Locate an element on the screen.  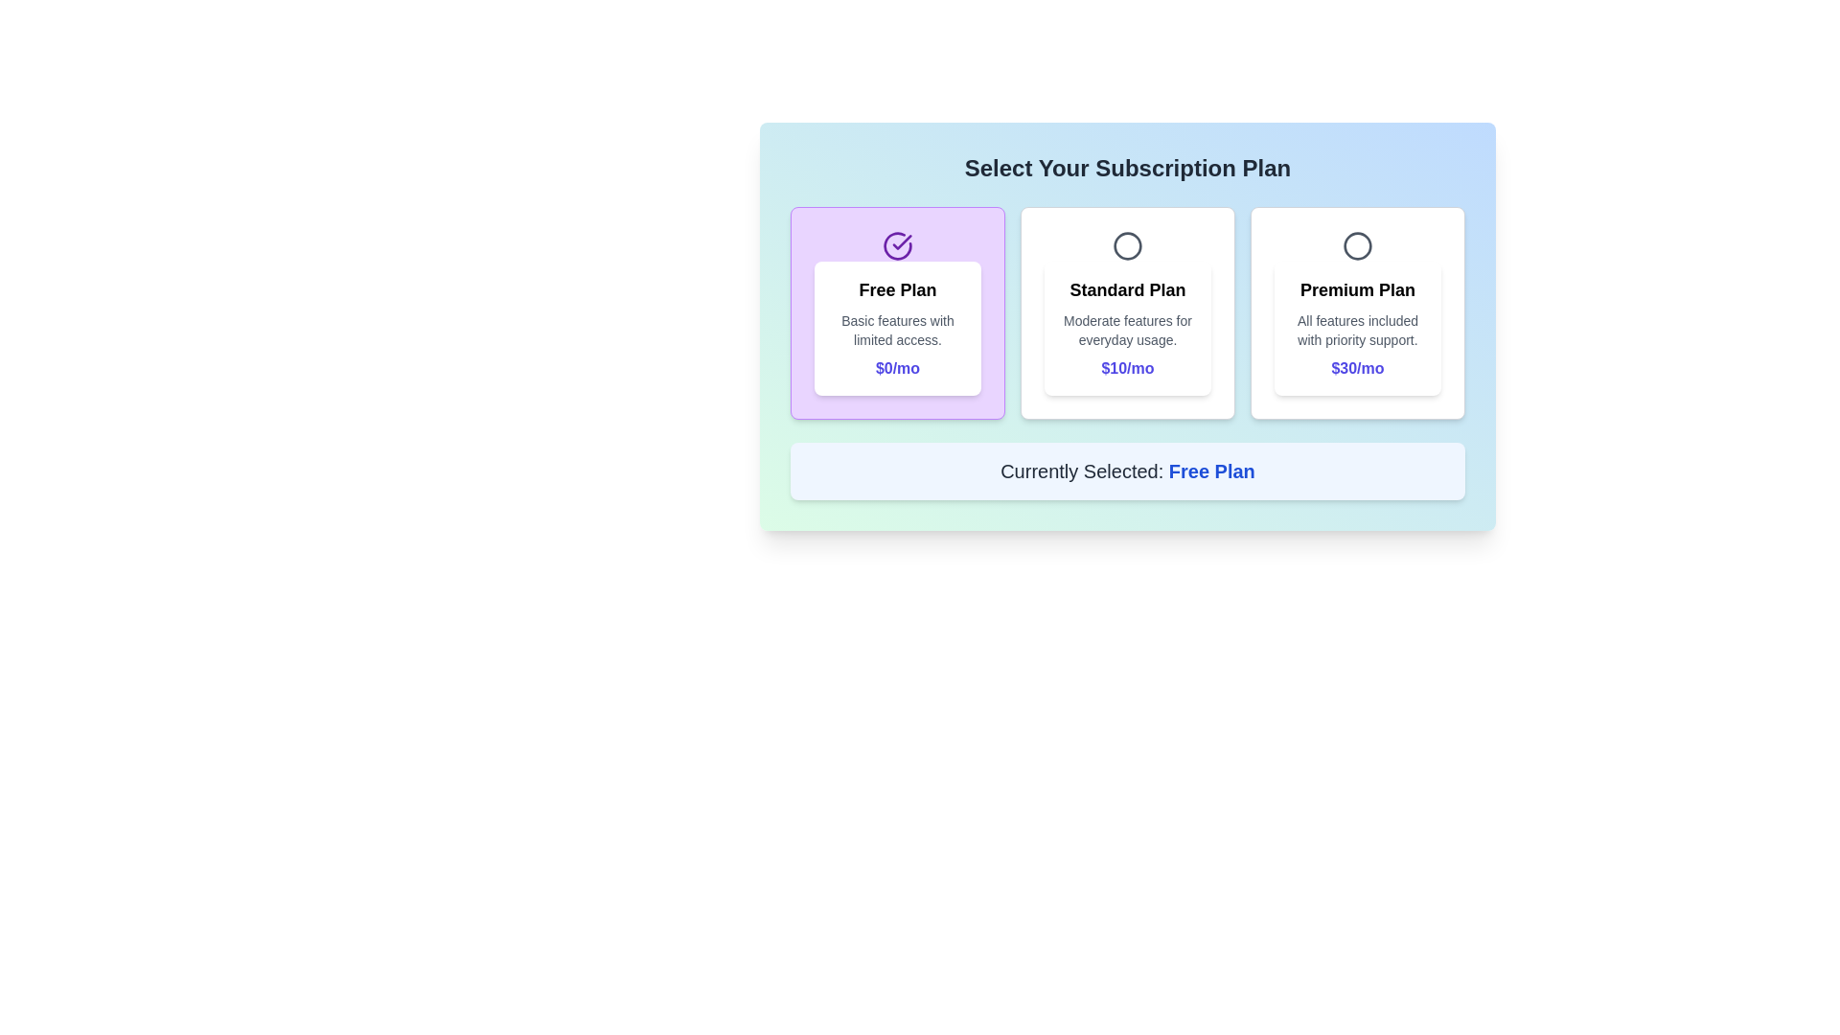
the 'Premium Plan' text label, which is the title of the Premium subscription card located at the top of the card is located at coordinates (1356, 290).